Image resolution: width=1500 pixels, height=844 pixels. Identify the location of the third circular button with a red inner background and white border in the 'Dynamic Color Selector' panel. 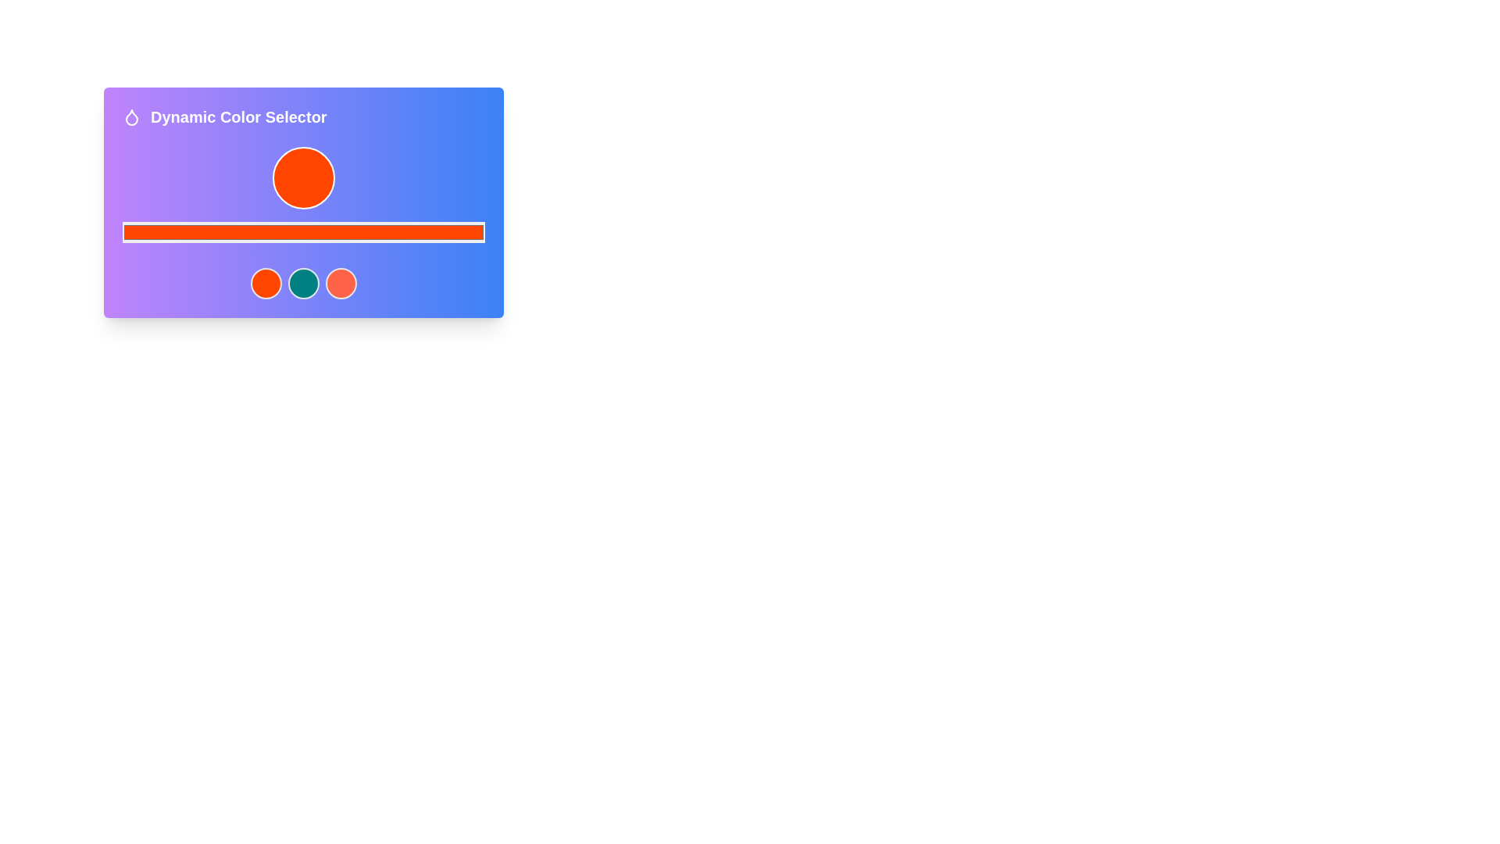
(340, 283).